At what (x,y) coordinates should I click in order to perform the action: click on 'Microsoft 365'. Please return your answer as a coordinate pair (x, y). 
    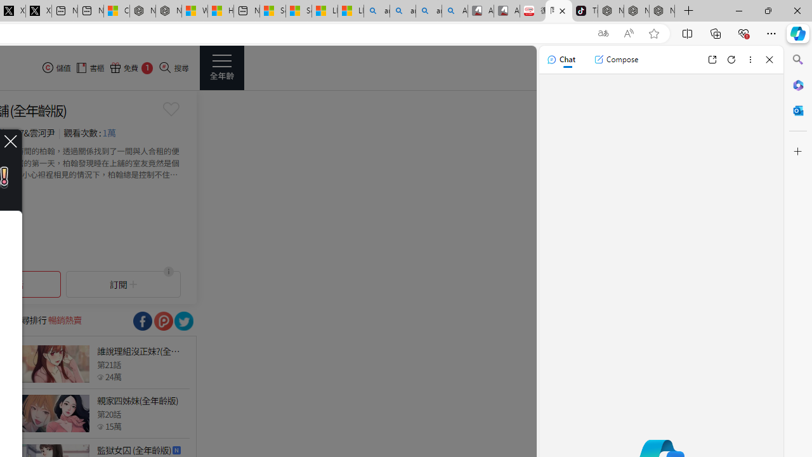
    Looking at the image, I should click on (797, 84).